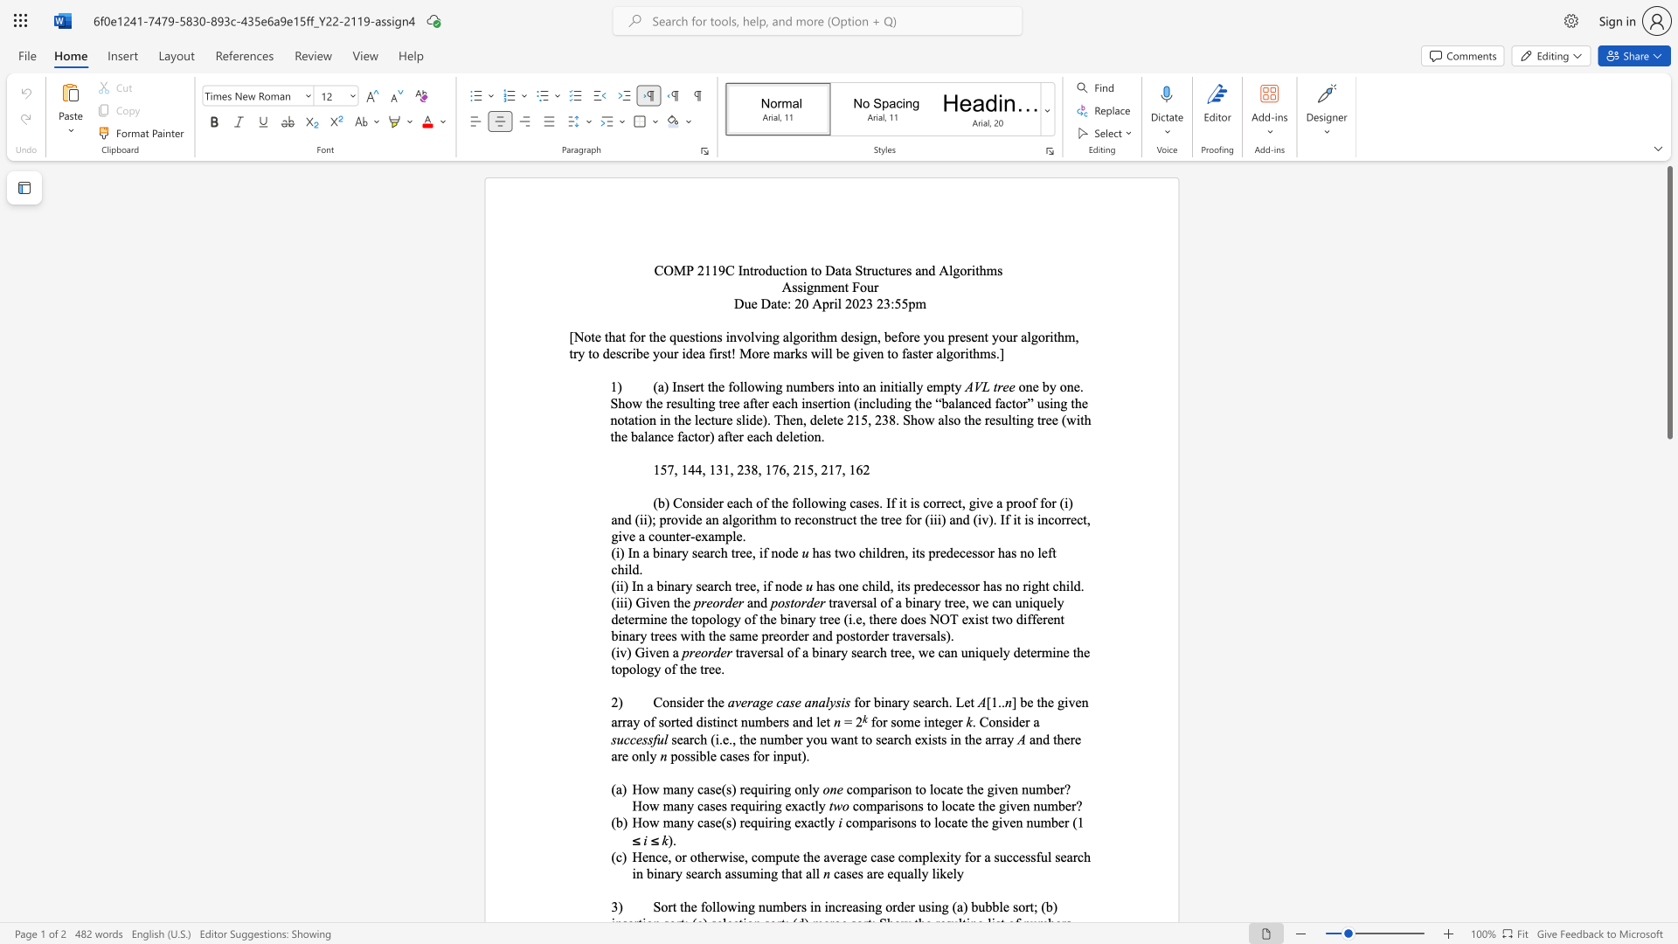 This screenshot has height=944, width=1678. Describe the element at coordinates (620, 652) in the screenshot. I see `the subset text "v) Giv" within the text "(iv) Given a"` at that location.